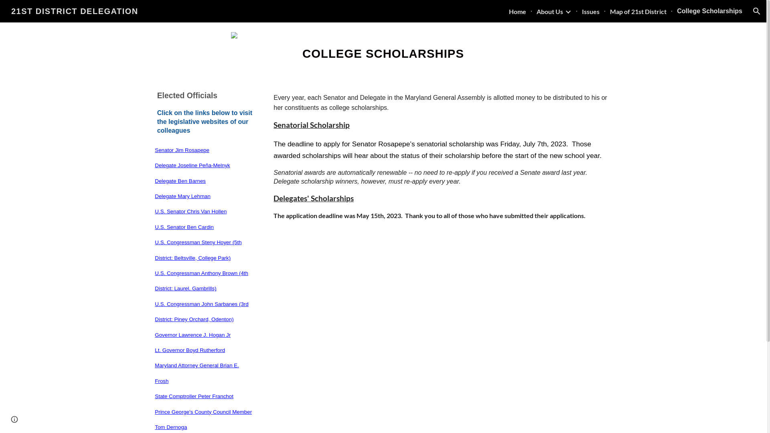 Image resolution: width=770 pixels, height=433 pixels. I want to click on 'Map of 21st District', so click(638, 11).